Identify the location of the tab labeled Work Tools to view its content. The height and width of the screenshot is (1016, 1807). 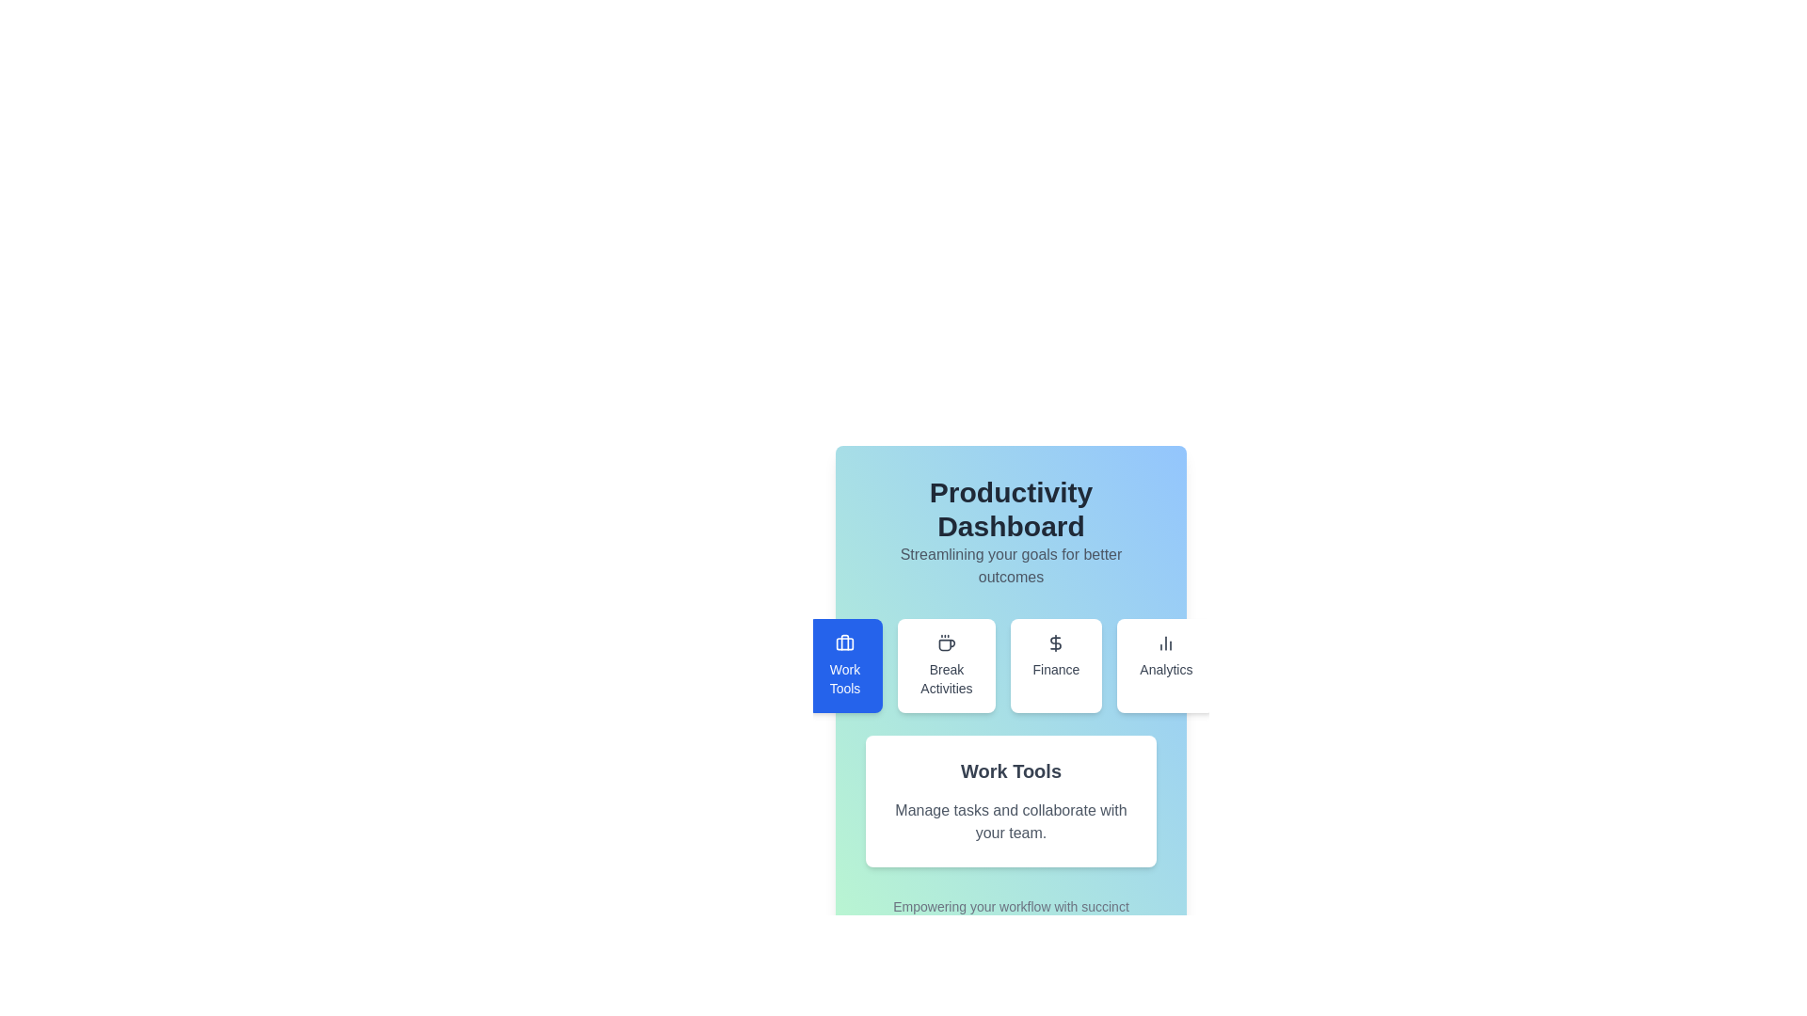
(843, 665).